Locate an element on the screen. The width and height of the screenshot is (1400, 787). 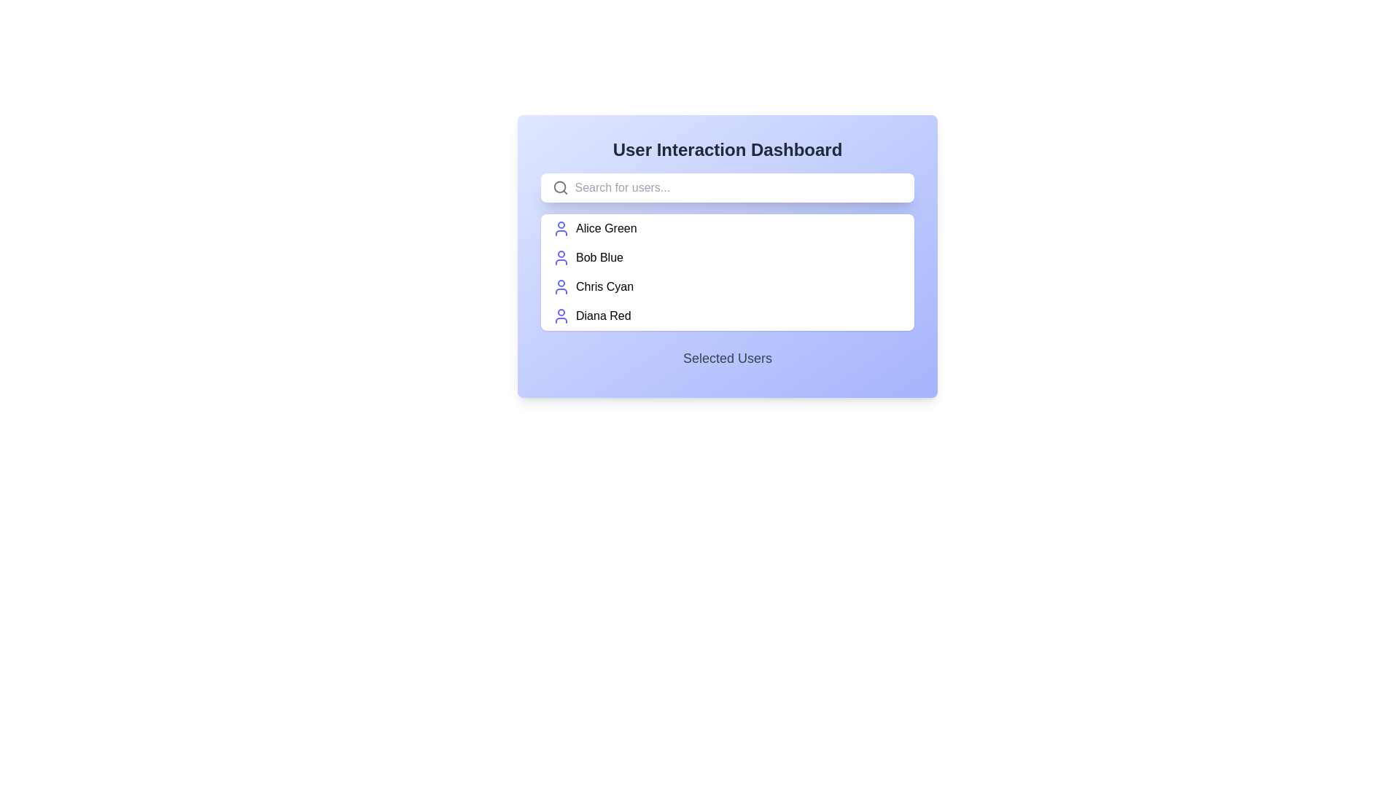
the Text Label located at the bottom of the main user panel, which serves as a title for the section displaying selected users is located at coordinates (728, 359).